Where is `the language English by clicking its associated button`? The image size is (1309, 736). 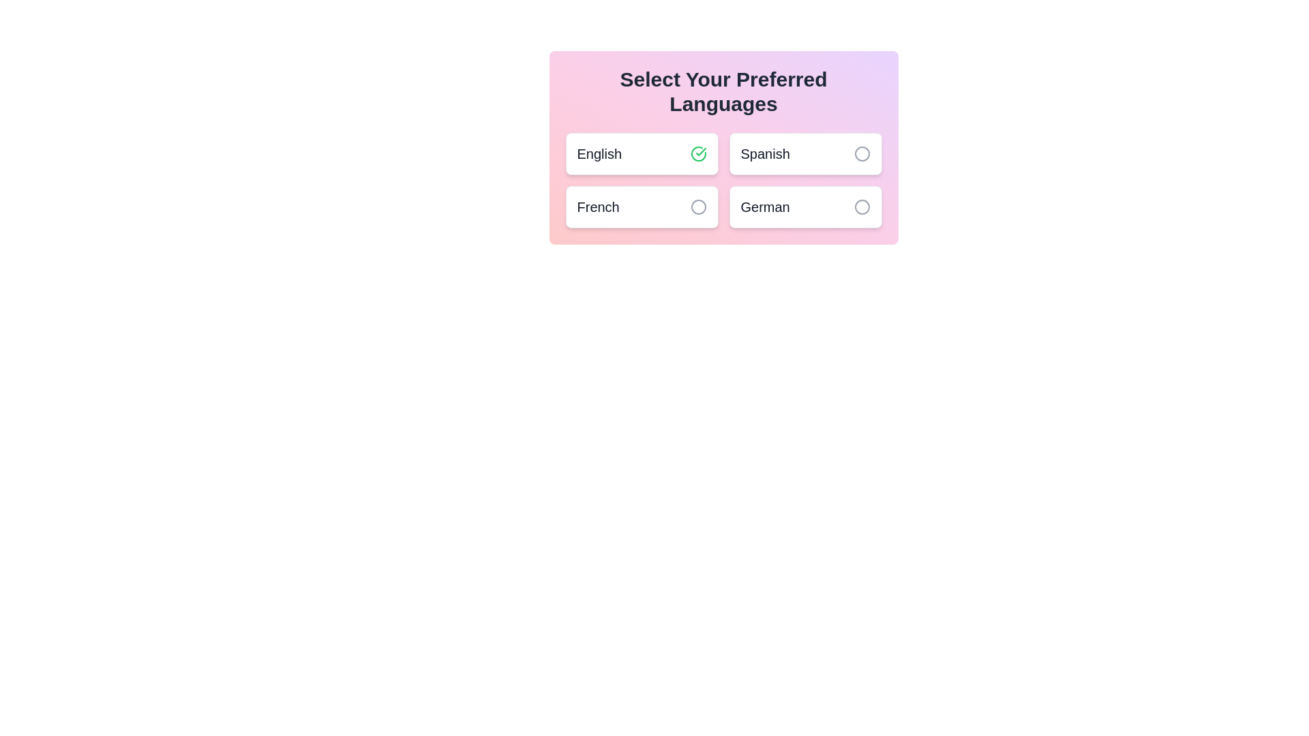
the language English by clicking its associated button is located at coordinates (698, 153).